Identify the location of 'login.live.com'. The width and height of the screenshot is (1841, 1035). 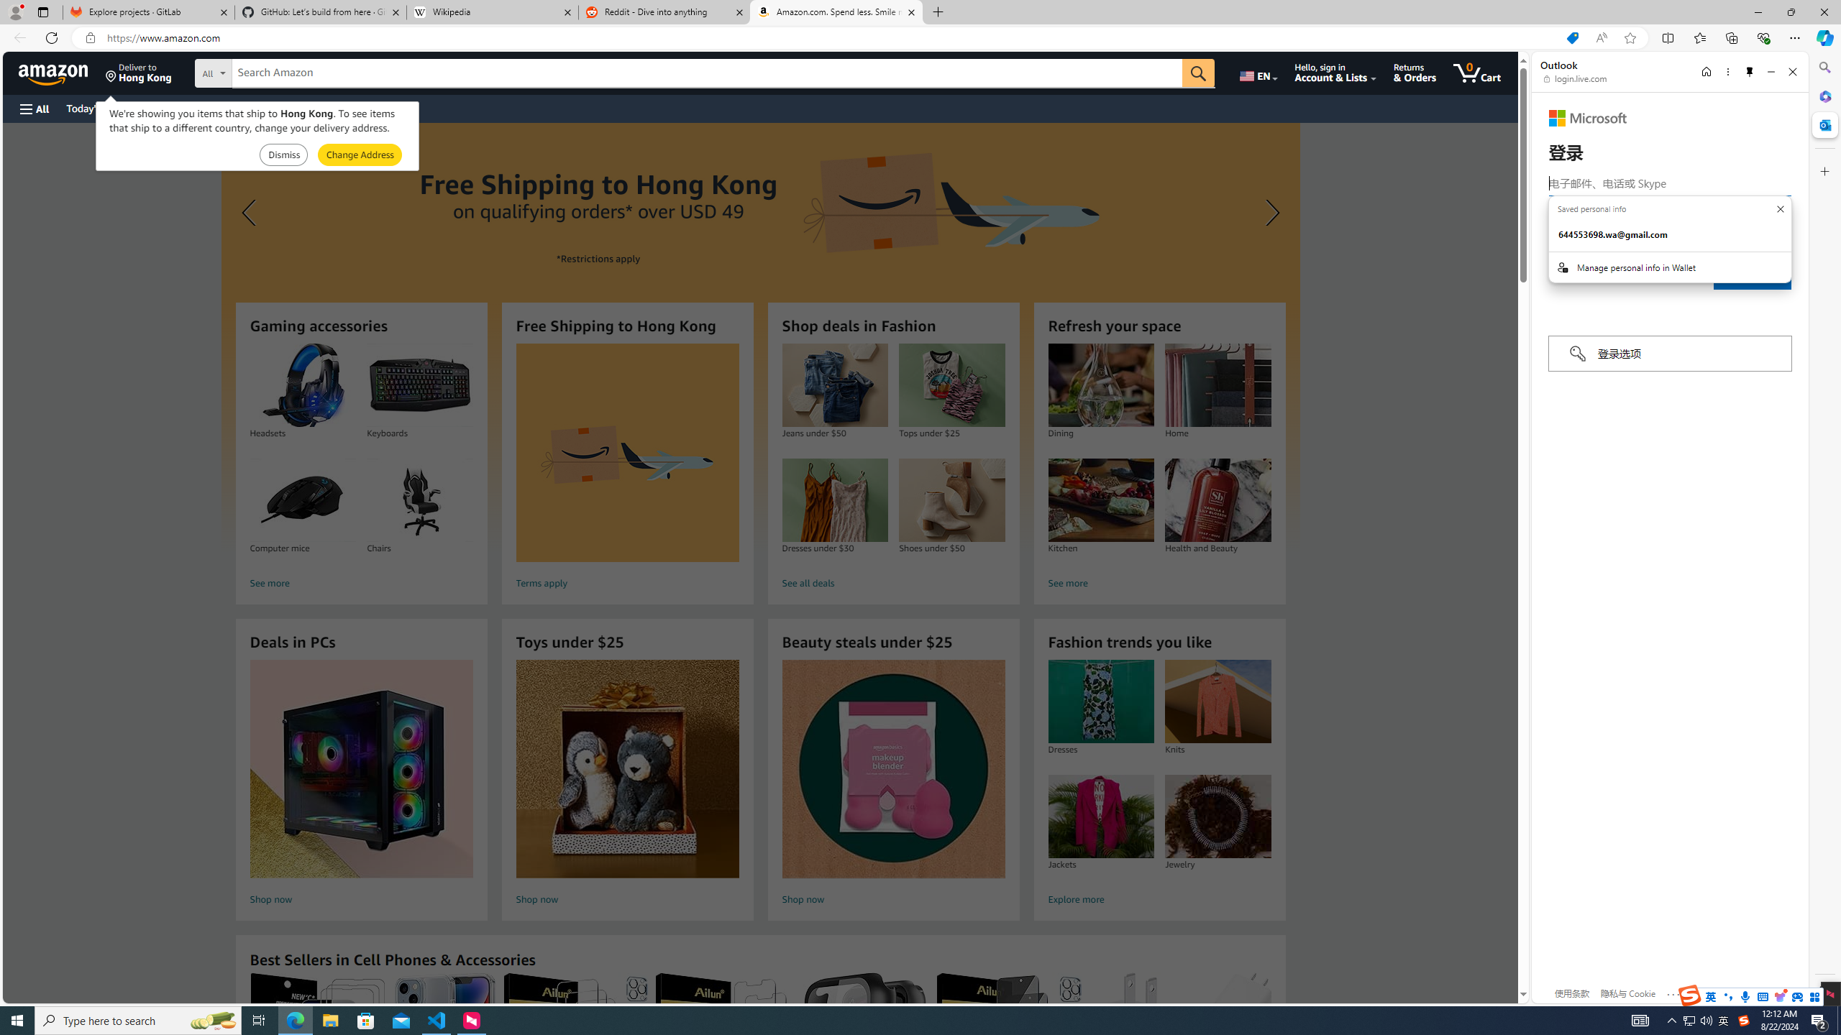
(1575, 78).